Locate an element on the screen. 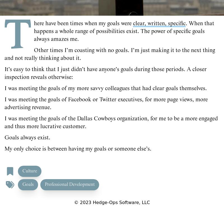  'Hedge-Ops Software, LLC' is located at coordinates (120, 202).